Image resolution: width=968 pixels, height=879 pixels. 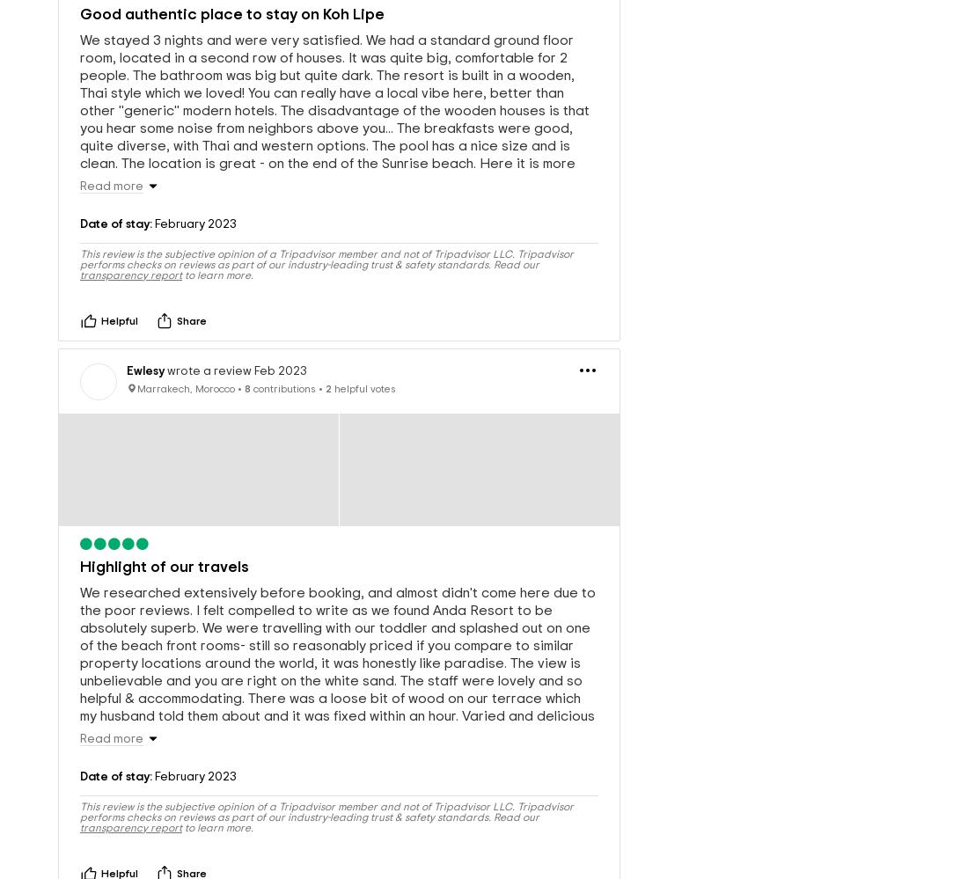 I want to click on 'Marrakech, Morocco', so click(x=186, y=358).